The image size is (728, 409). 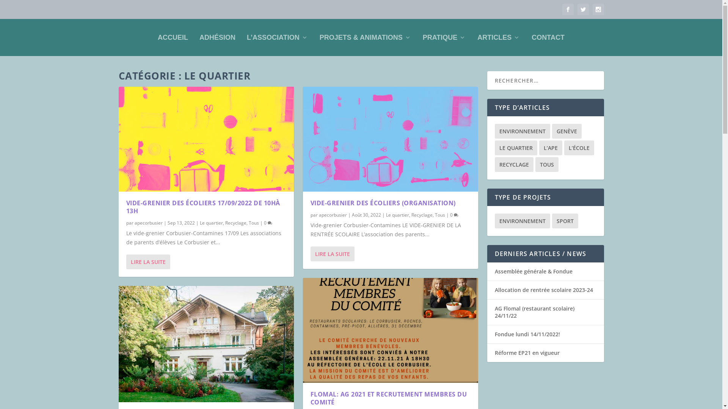 What do you see at coordinates (310, 254) in the screenshot?
I see `'LIRE LA SUITE'` at bounding box center [310, 254].